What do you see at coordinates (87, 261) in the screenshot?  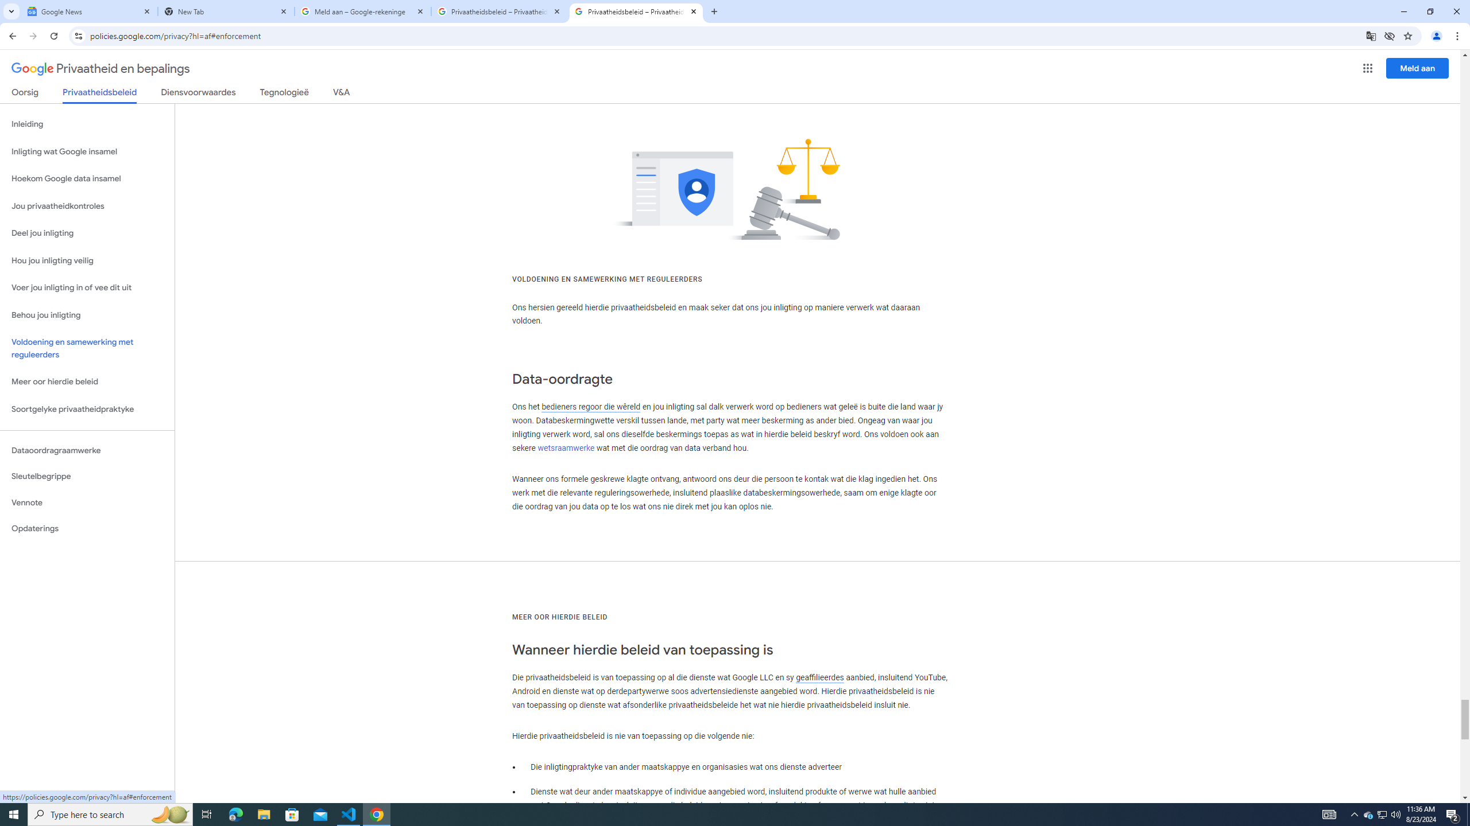 I see `'Hou jou inligting veilig'` at bounding box center [87, 261].